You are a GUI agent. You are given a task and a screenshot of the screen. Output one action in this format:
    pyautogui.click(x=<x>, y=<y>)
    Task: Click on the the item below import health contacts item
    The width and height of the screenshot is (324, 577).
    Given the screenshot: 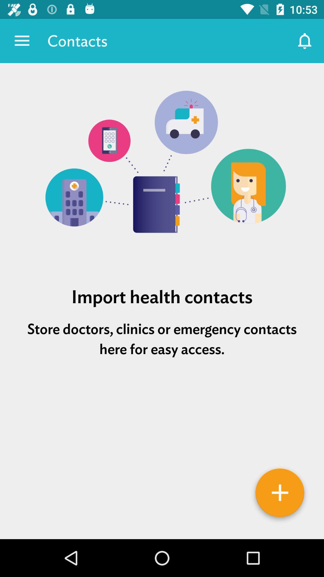 What is the action you would take?
    pyautogui.click(x=162, y=339)
    